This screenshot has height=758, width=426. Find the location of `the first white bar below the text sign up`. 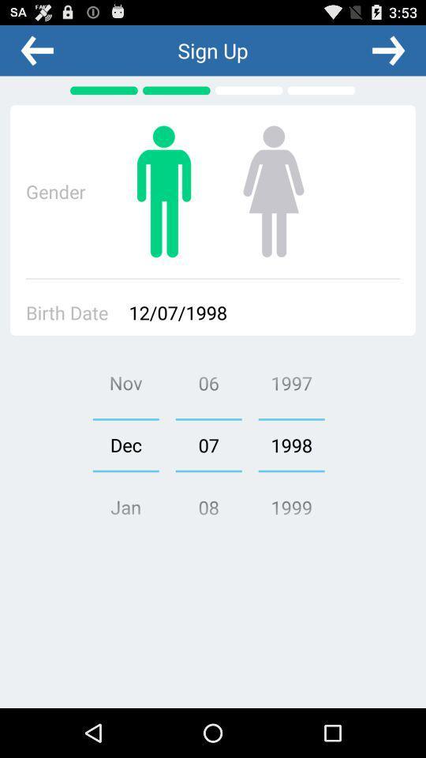

the first white bar below the text sign up is located at coordinates (249, 90).